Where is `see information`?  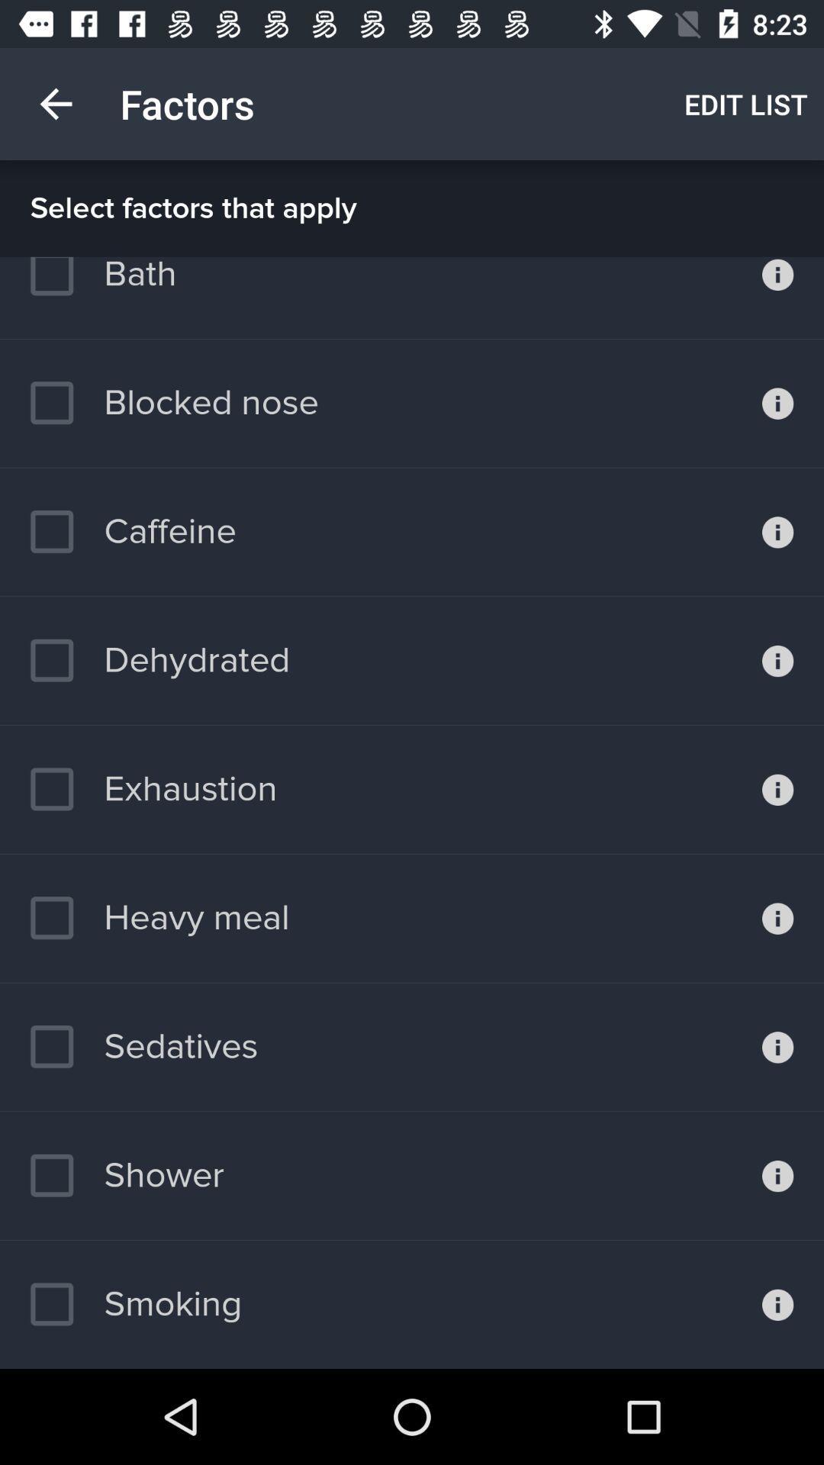
see information is located at coordinates (777, 661).